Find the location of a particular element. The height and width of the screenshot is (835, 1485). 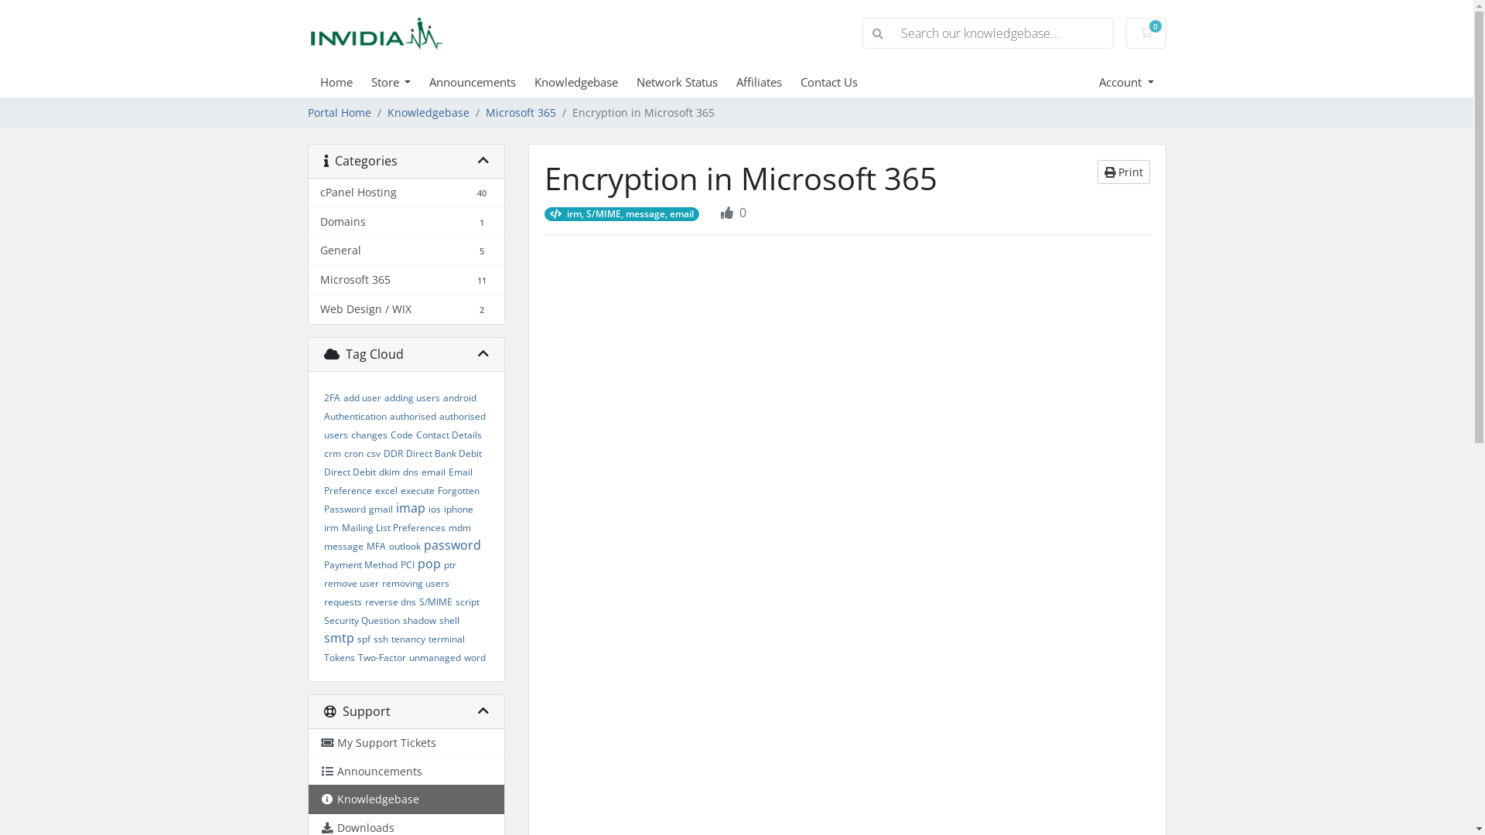

'Print' is located at coordinates (1122, 172).